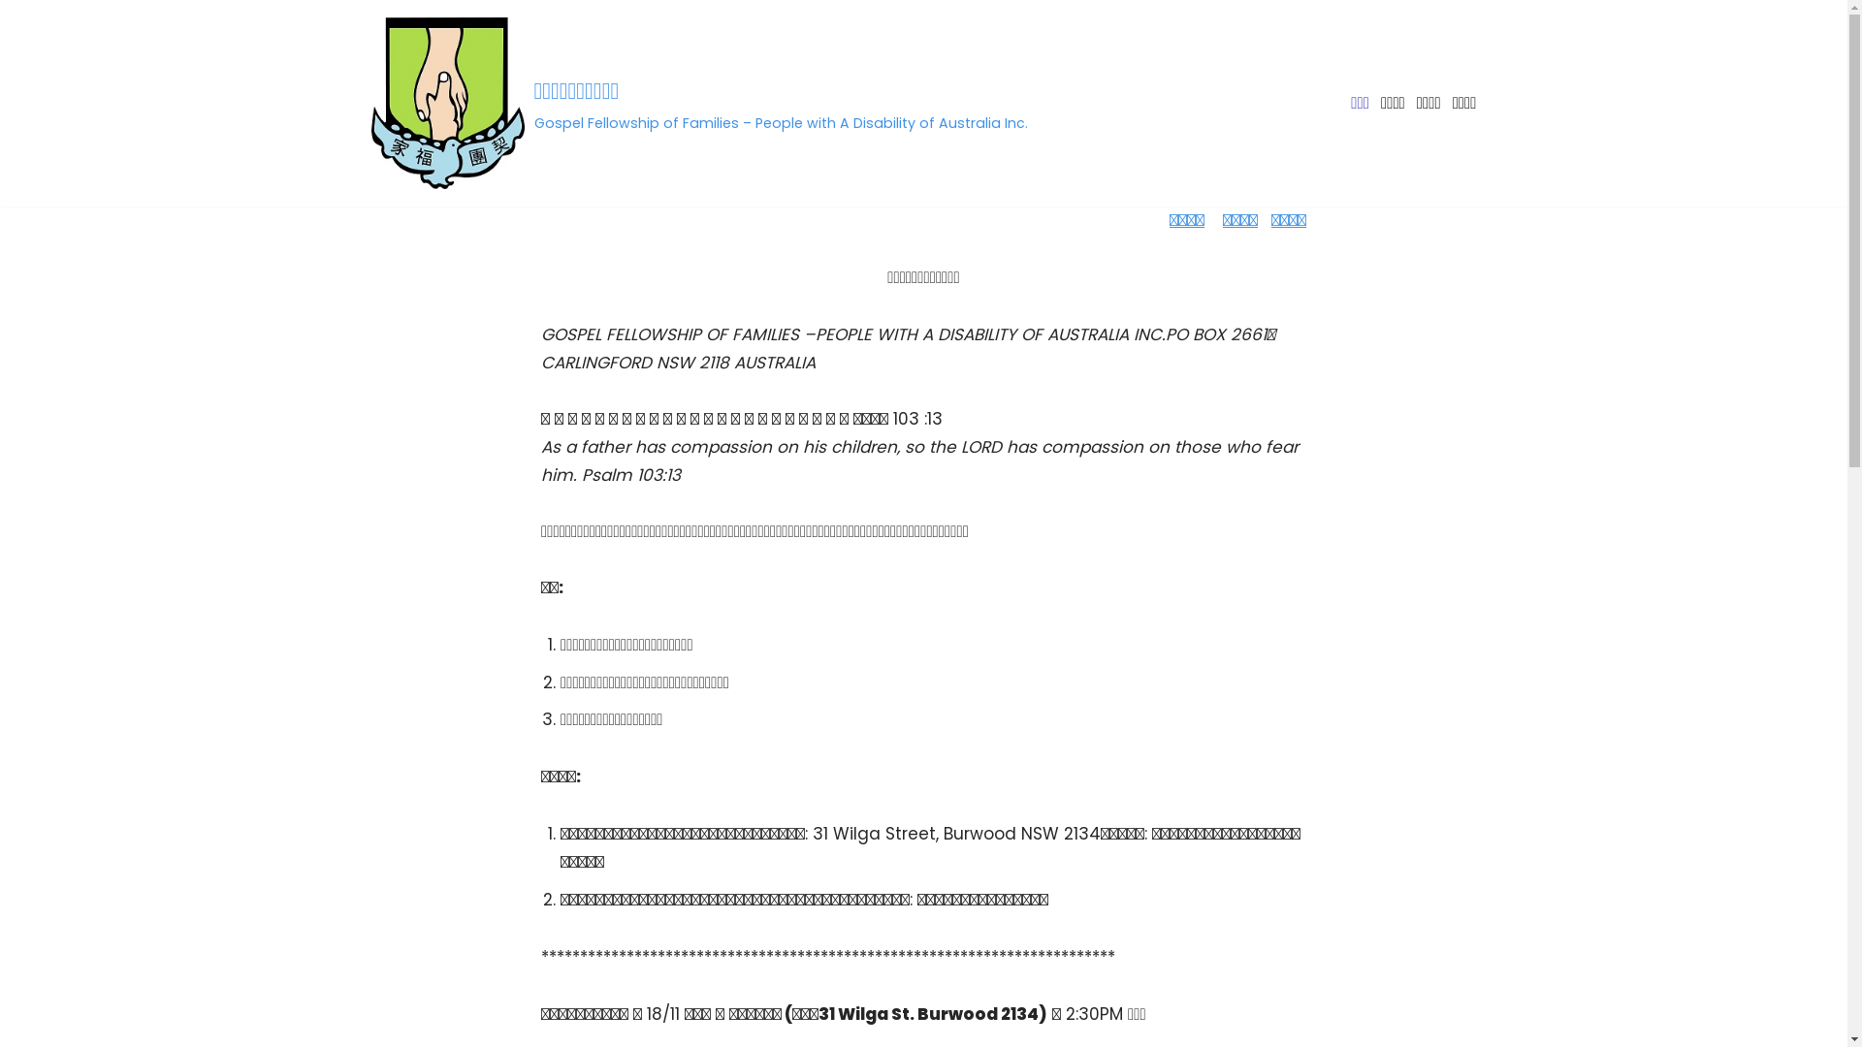 The width and height of the screenshot is (1862, 1047). Describe the element at coordinates (14, 41) in the screenshot. I see `'Skip to content'` at that location.